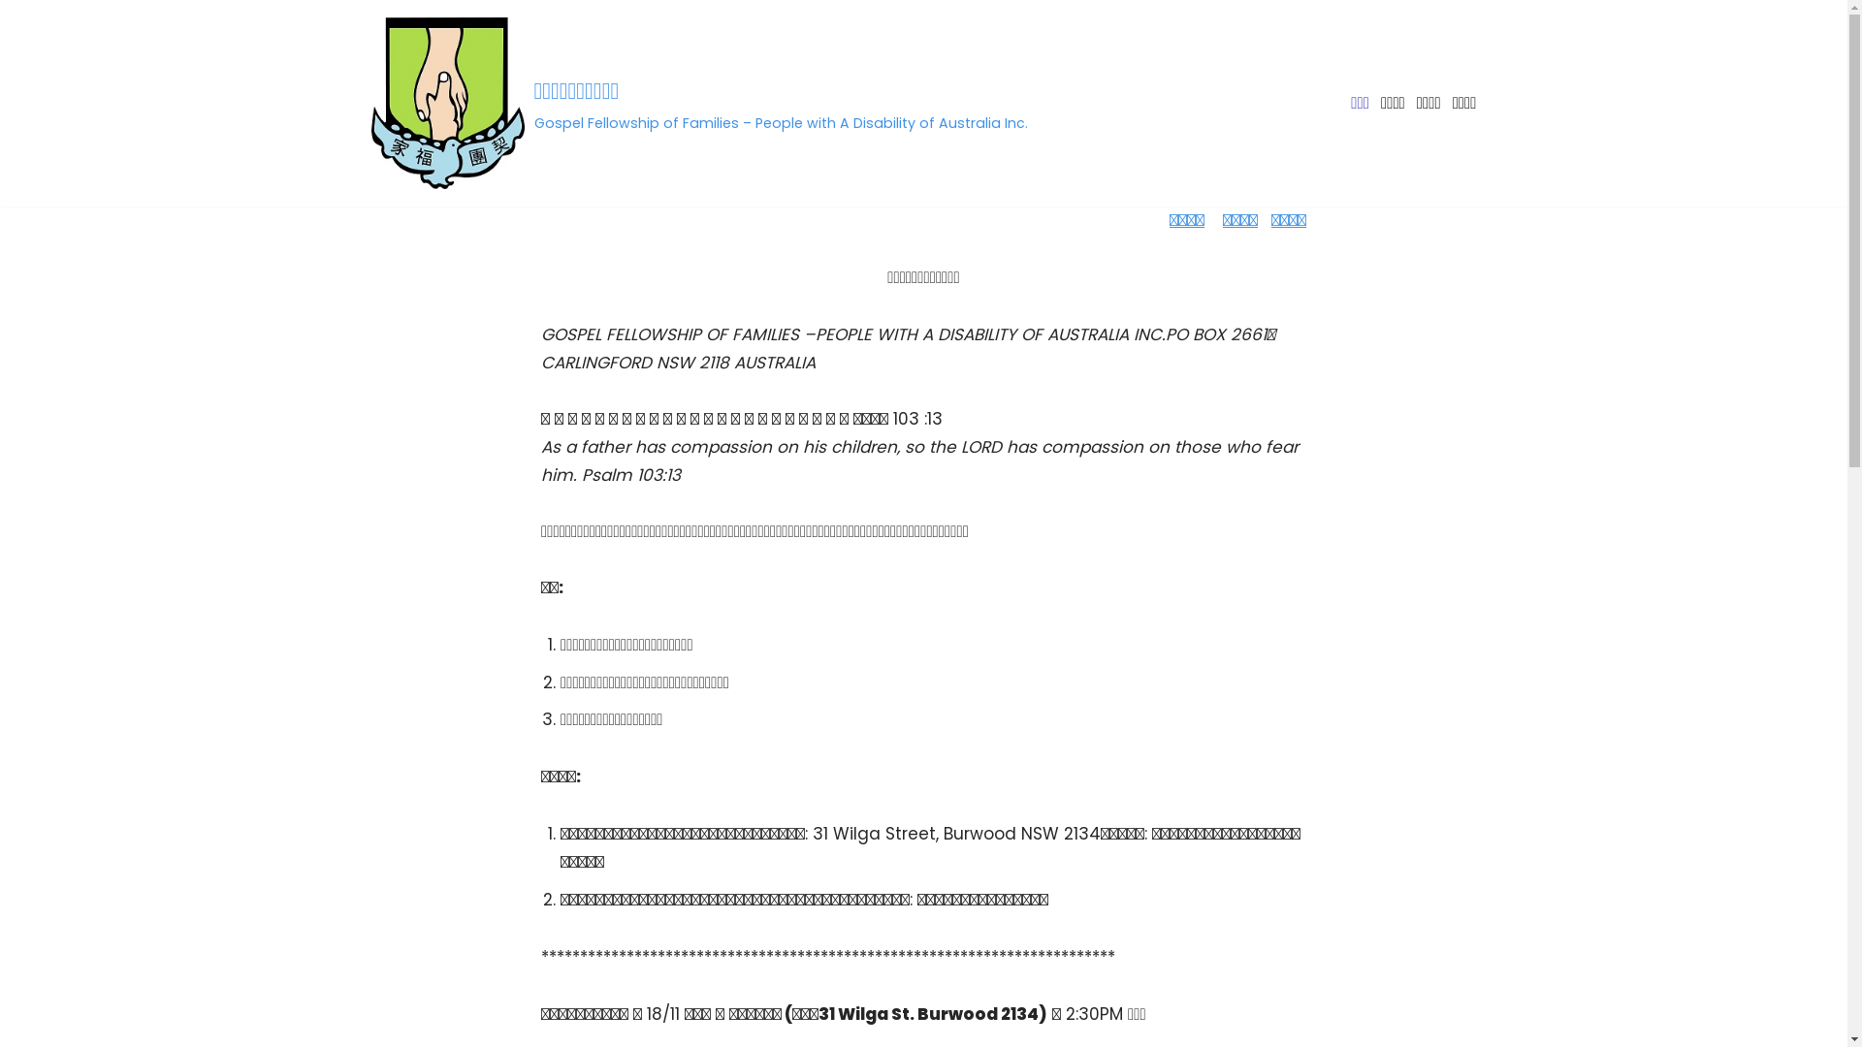 The width and height of the screenshot is (1862, 1047). Describe the element at coordinates (14, 41) in the screenshot. I see `'Skip to content'` at that location.